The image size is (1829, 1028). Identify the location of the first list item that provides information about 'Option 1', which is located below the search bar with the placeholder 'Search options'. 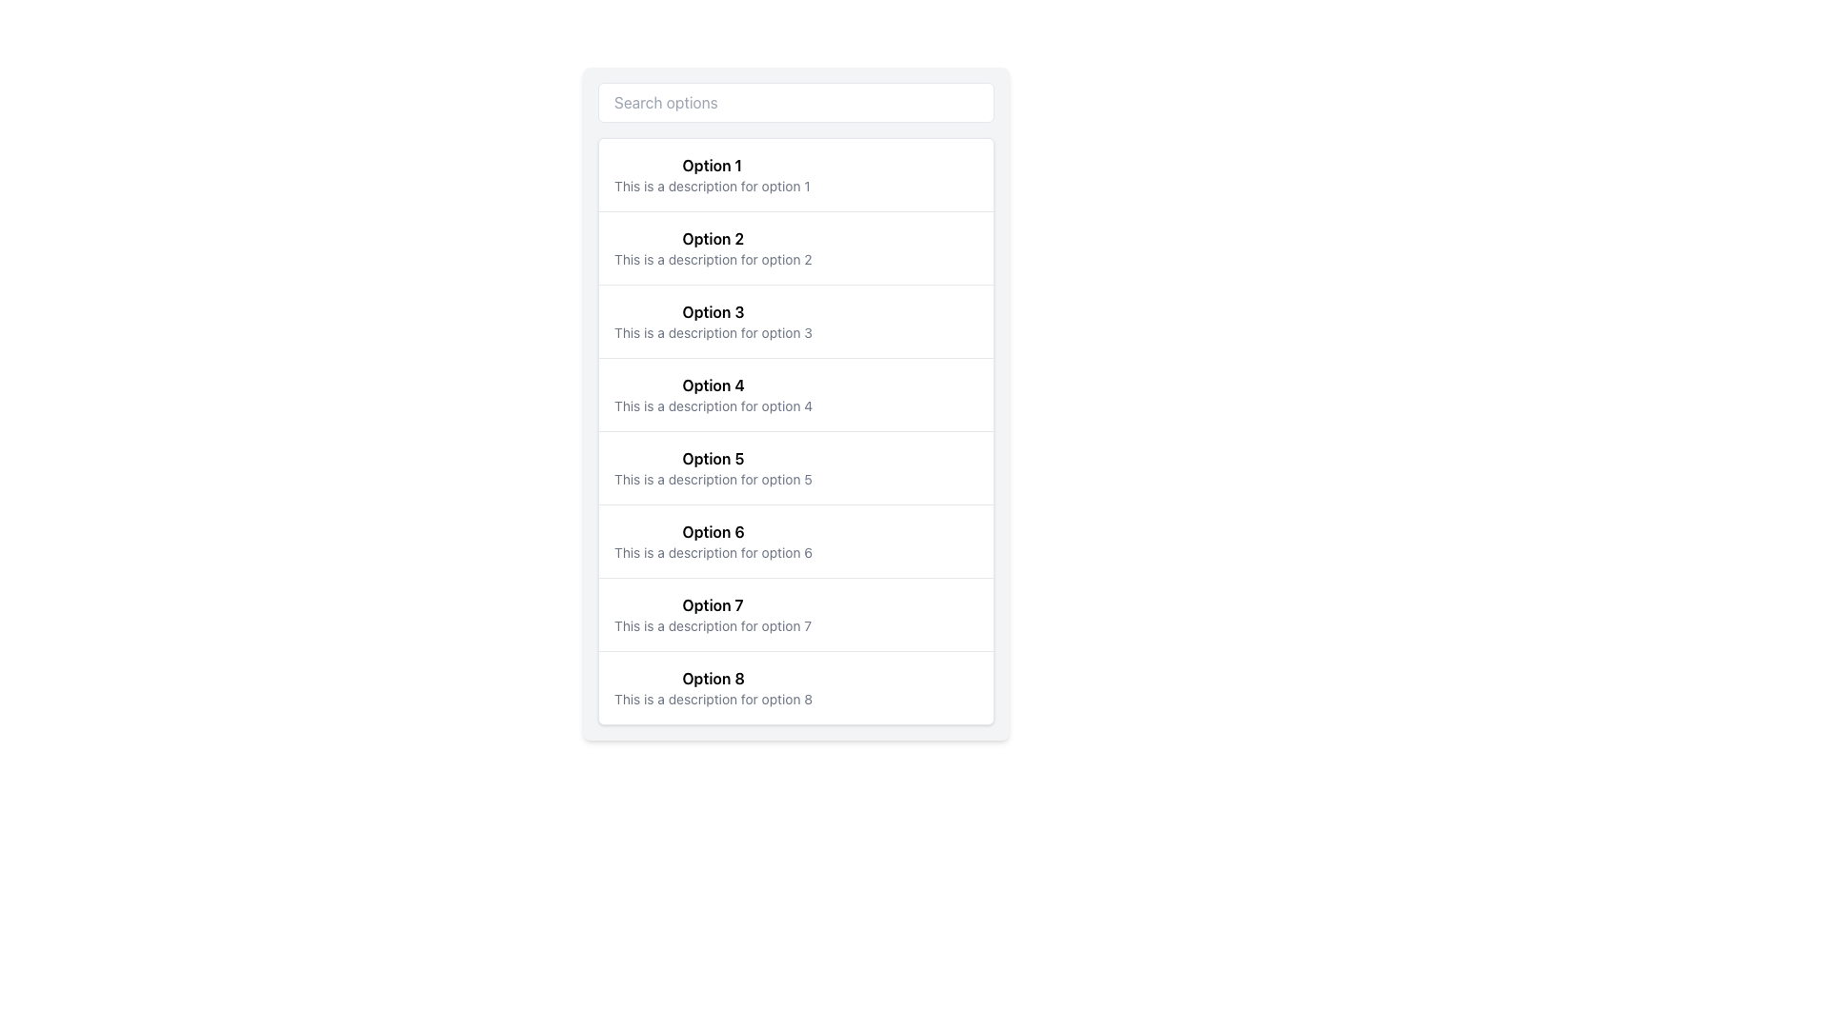
(711, 175).